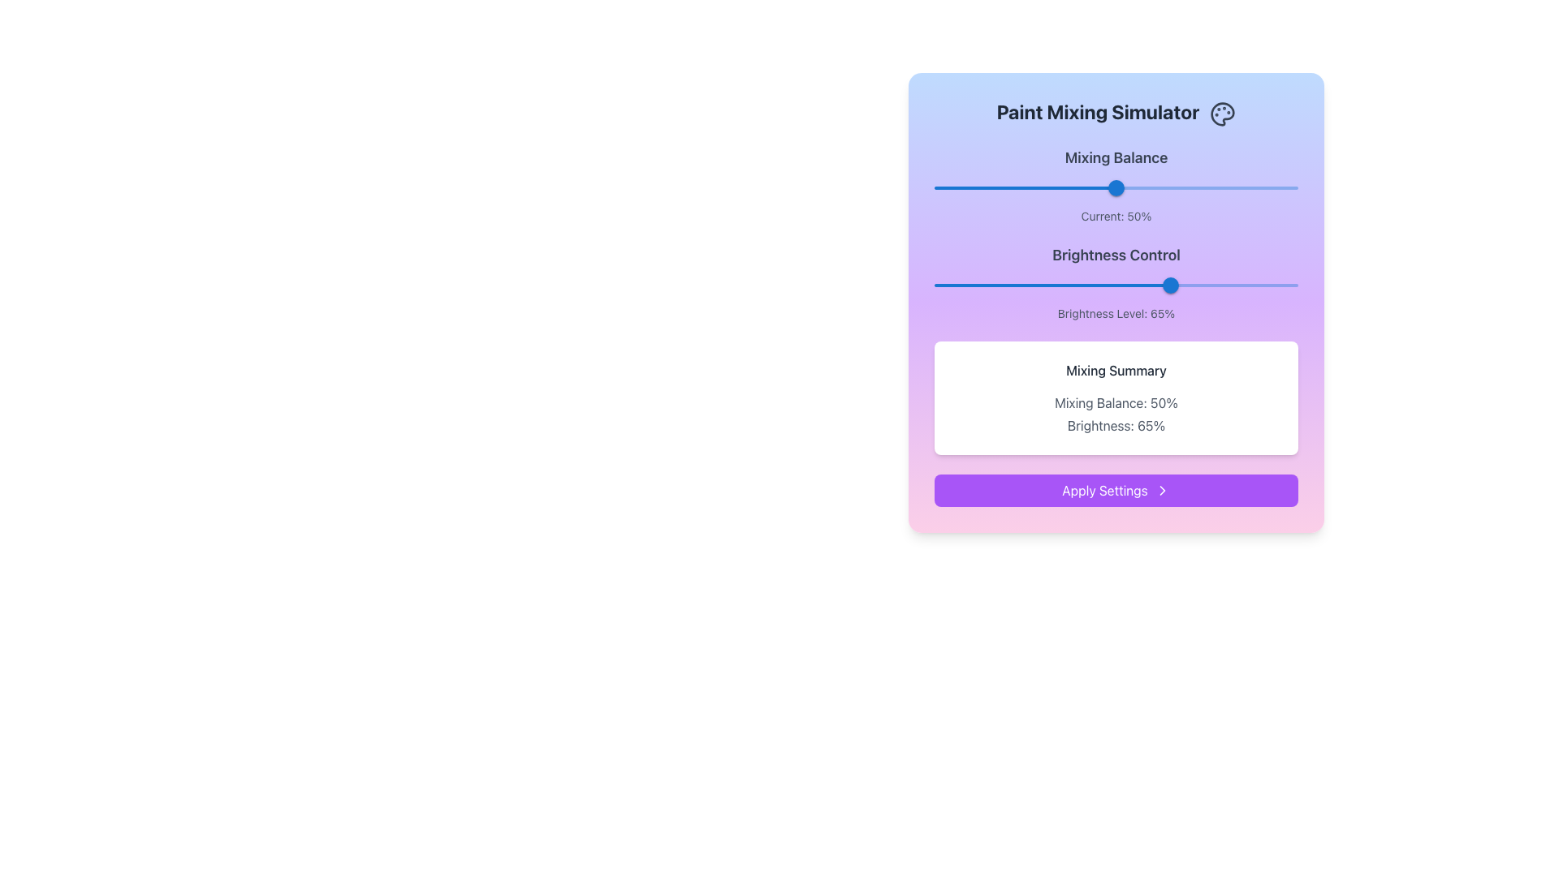 The width and height of the screenshot is (1559, 876). I want to click on the gray text label displaying 'Current: 50%' located below the 'Mixing Balance' slider interface, so click(1115, 215).